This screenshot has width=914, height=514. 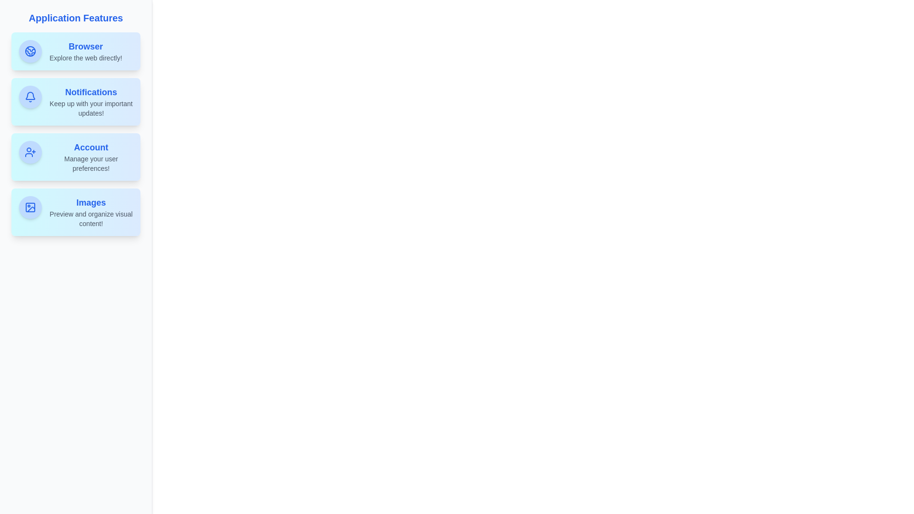 What do you see at coordinates (75, 101) in the screenshot?
I see `the feature tile corresponding to Notifications` at bounding box center [75, 101].